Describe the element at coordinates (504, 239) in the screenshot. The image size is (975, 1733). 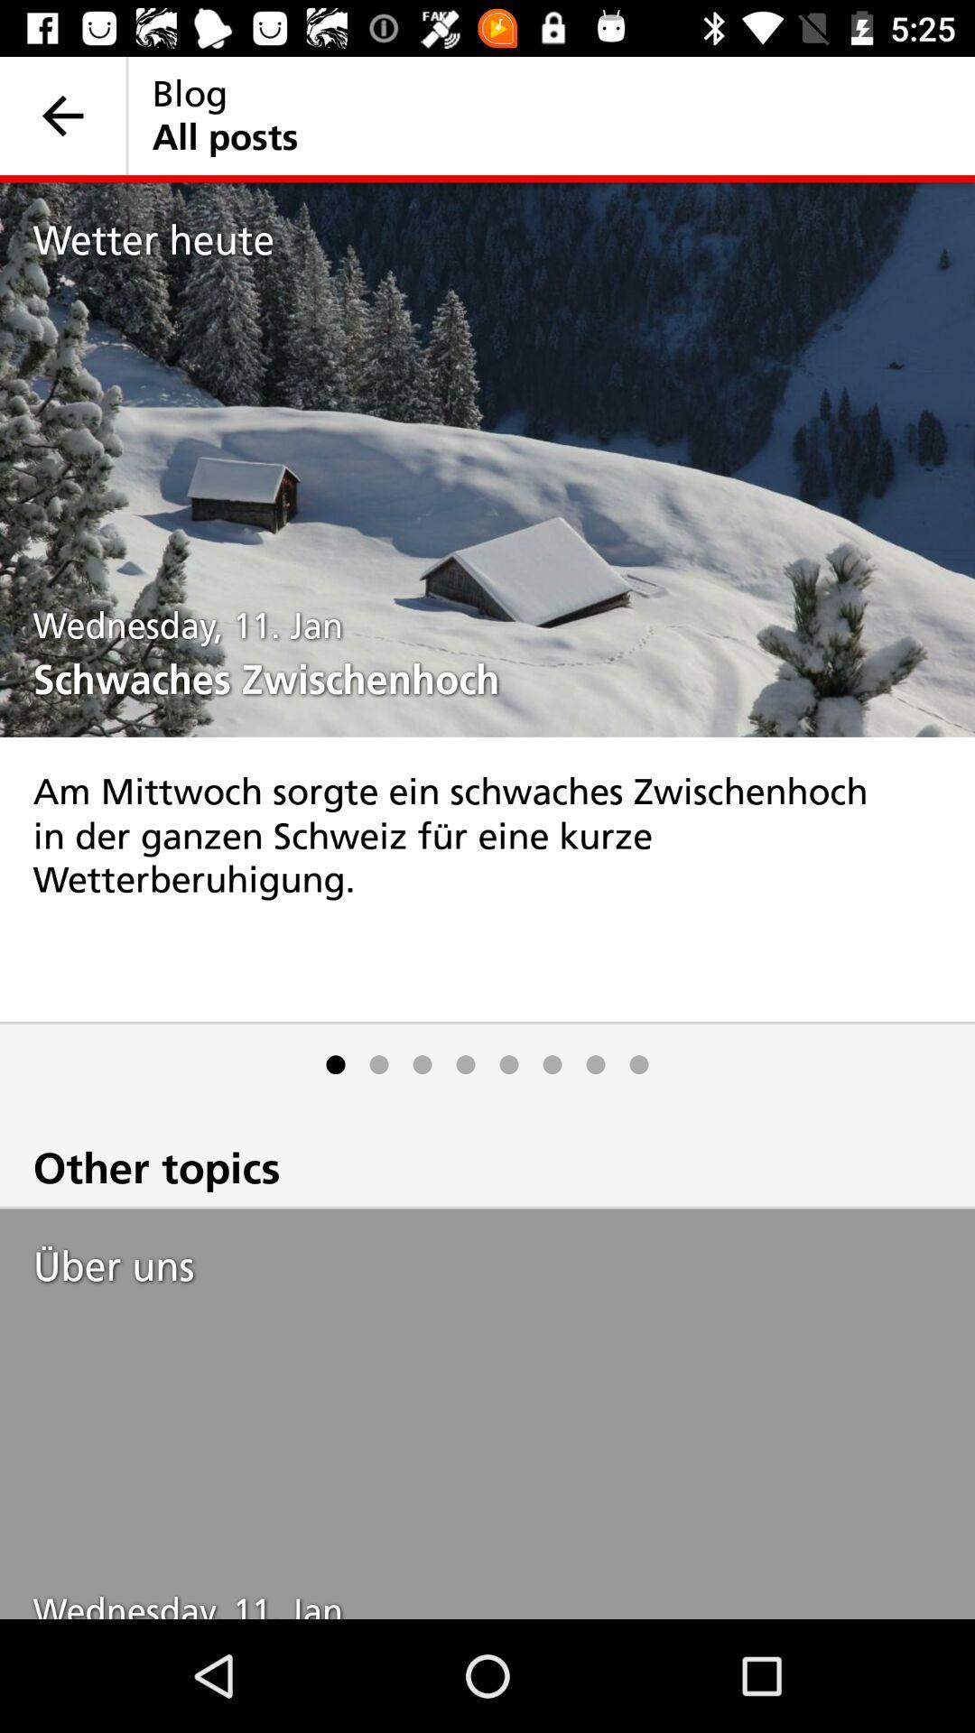
I see `wetter heute item` at that location.